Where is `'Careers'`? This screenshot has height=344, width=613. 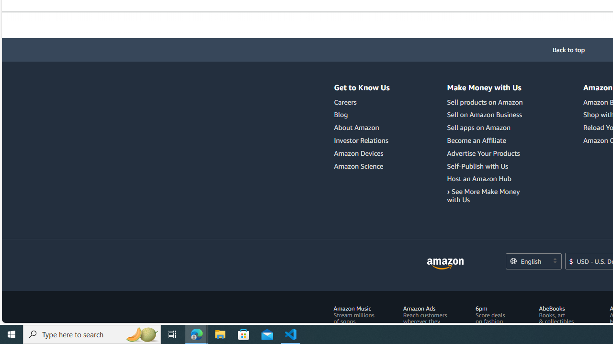 'Careers' is located at coordinates (361, 102).